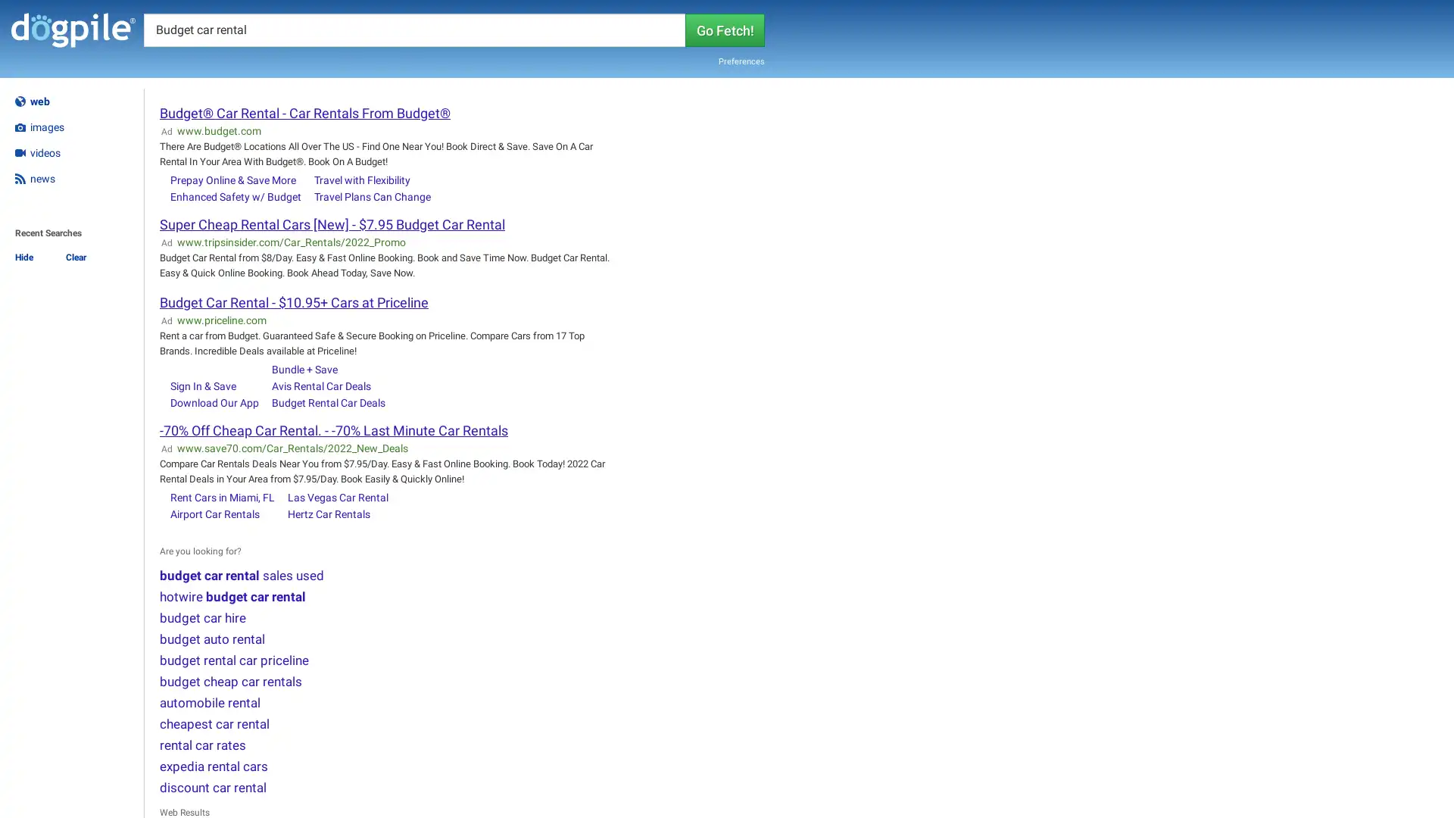 This screenshot has height=818, width=1454. Describe the element at coordinates (724, 29) in the screenshot. I see `Search` at that location.